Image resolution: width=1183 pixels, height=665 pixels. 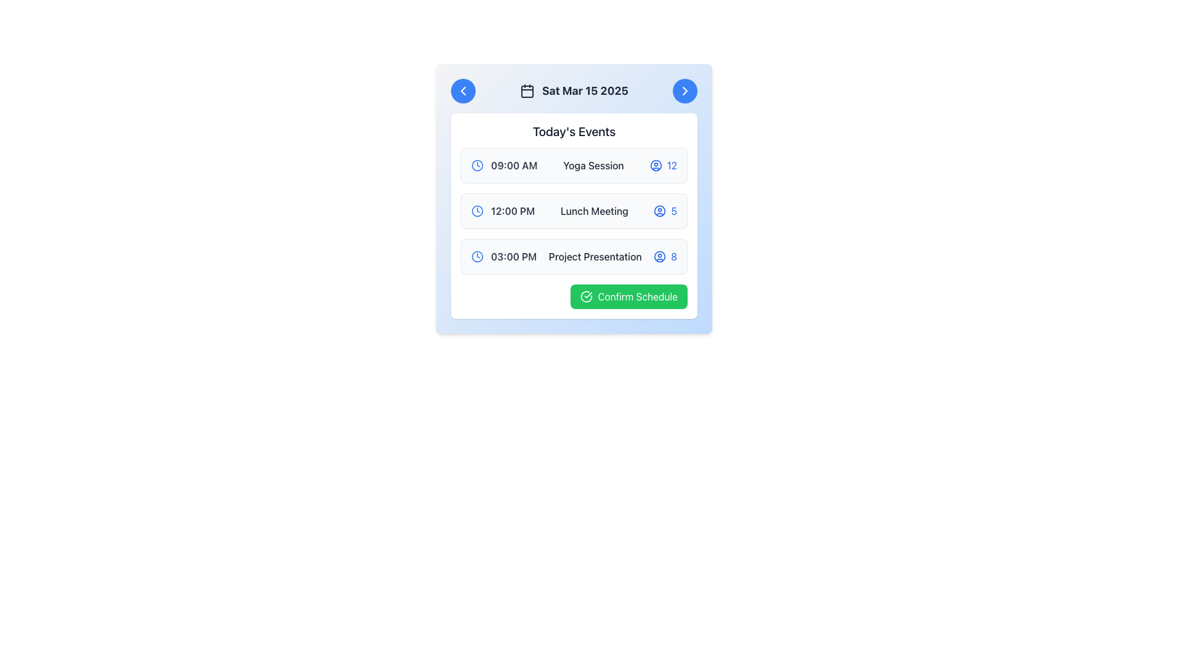 I want to click on the text component displaying '12:00 PM' in bold, gray font, located in the second row of the schedule list, adjacent to a blue clock icon, so click(x=513, y=211).